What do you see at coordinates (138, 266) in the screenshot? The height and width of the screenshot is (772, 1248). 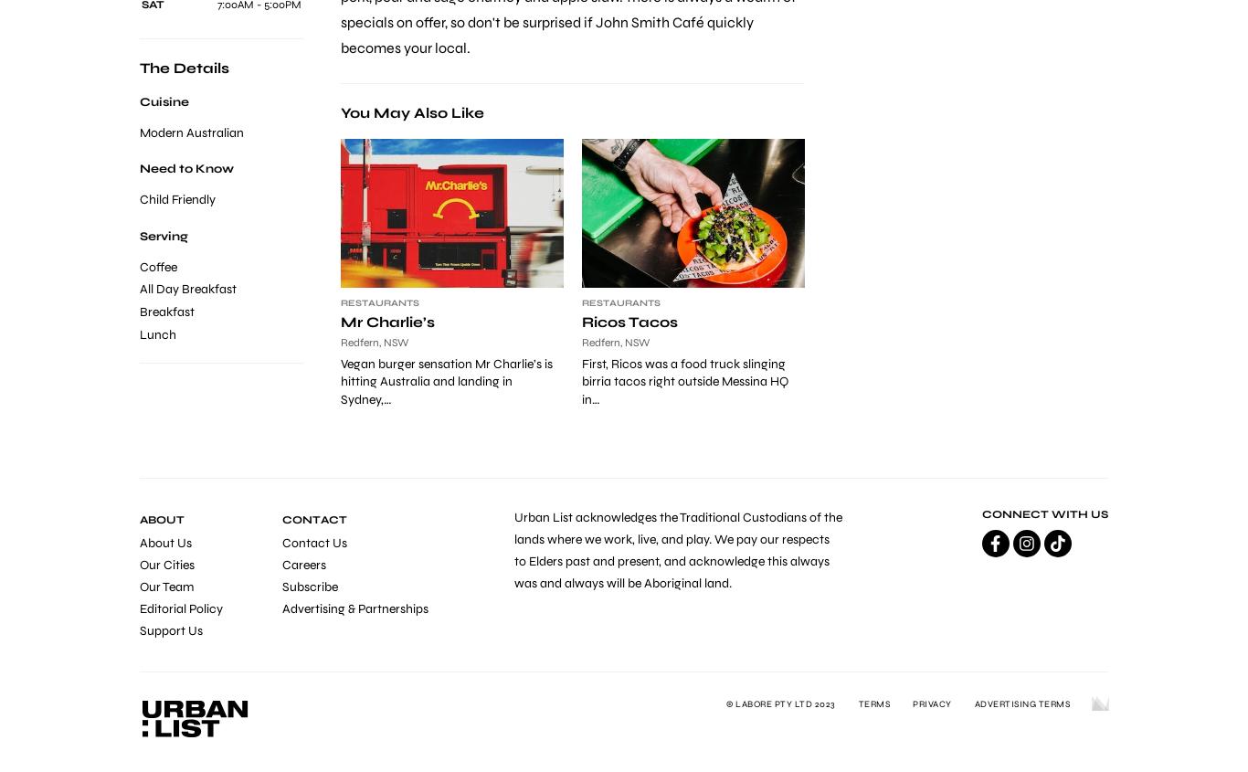 I see `'Coffee'` at bounding box center [138, 266].